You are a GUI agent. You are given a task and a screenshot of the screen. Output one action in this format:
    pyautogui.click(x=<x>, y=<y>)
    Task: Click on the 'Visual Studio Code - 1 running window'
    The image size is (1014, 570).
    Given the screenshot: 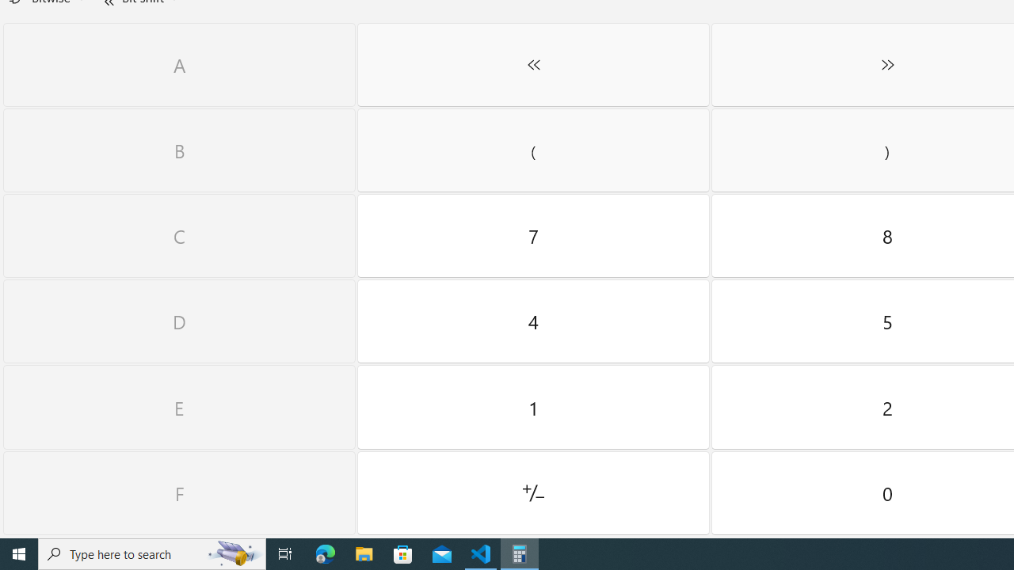 What is the action you would take?
    pyautogui.click(x=480, y=553)
    